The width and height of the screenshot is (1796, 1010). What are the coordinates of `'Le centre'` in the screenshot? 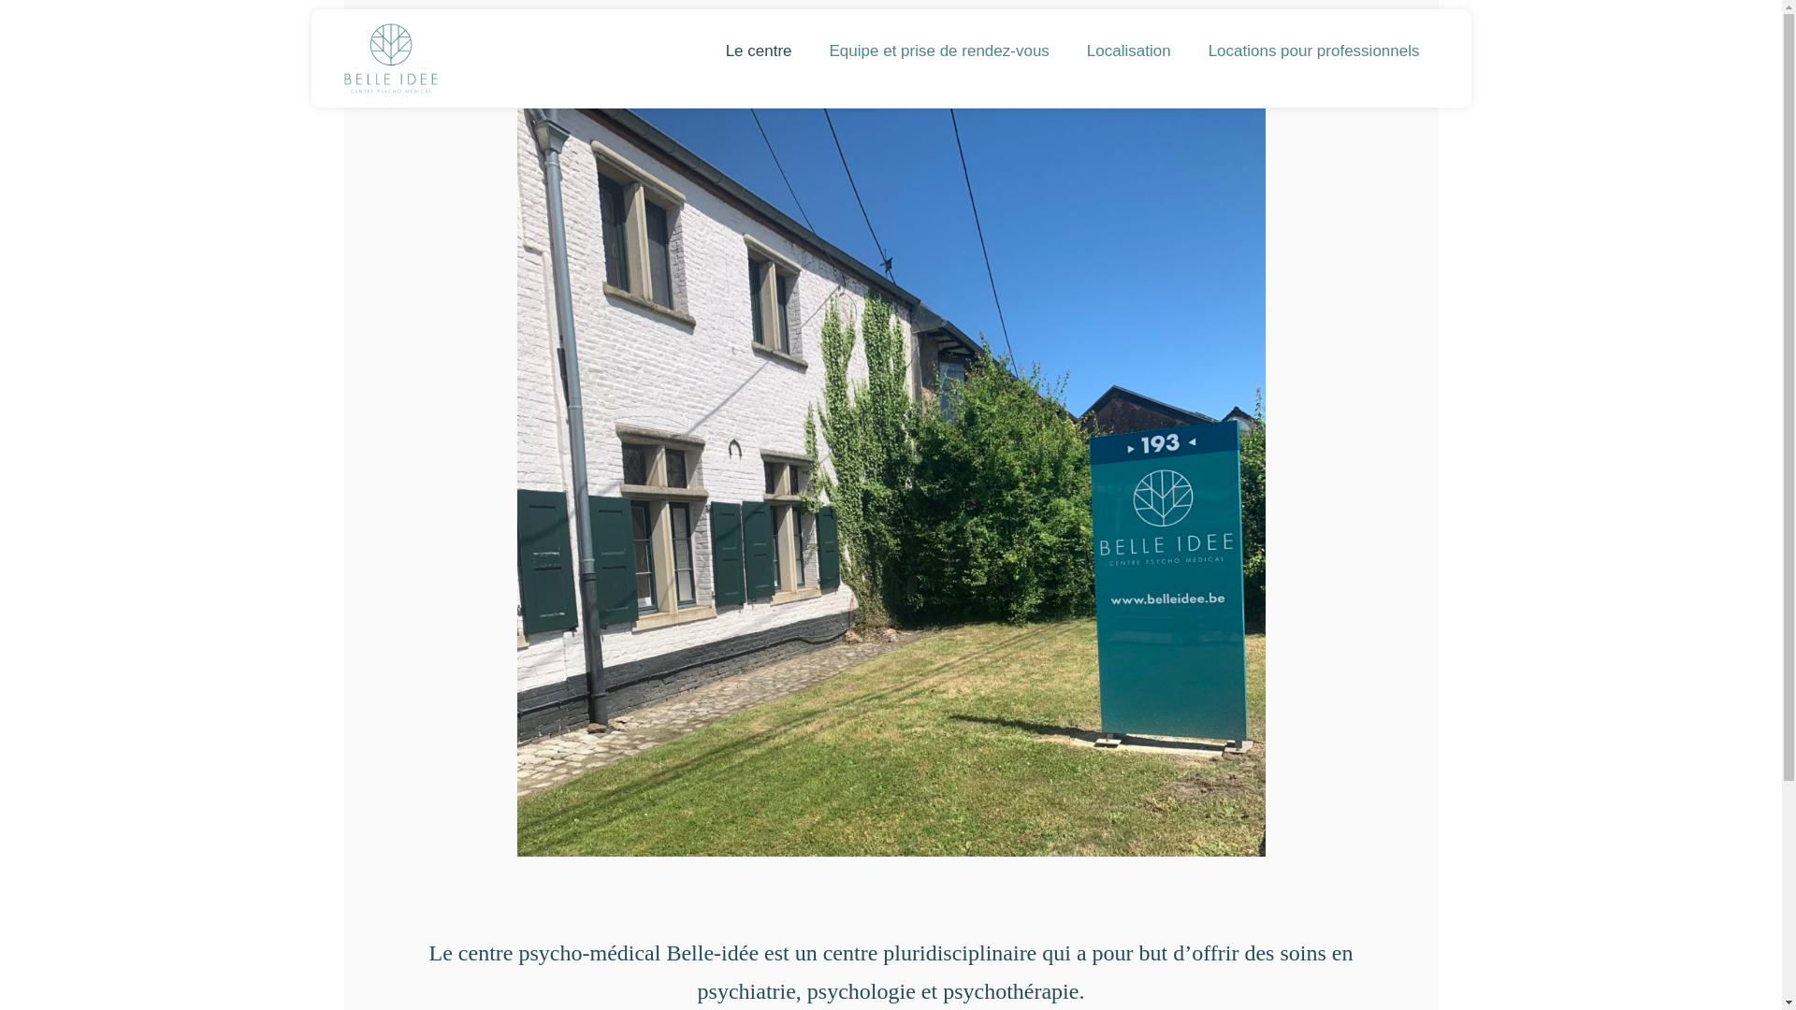 It's located at (705, 50).